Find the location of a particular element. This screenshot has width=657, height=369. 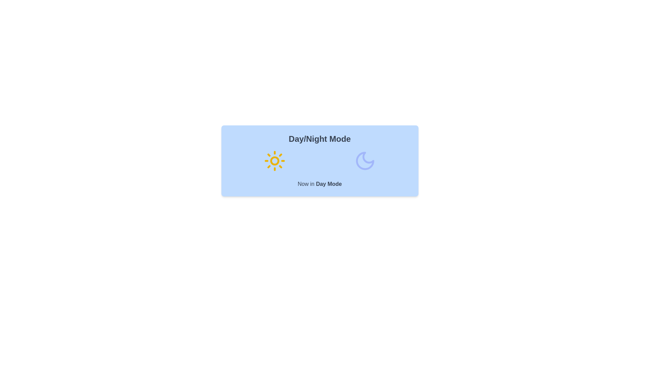

the Moon icon to trigger its animation is located at coordinates (364, 161).